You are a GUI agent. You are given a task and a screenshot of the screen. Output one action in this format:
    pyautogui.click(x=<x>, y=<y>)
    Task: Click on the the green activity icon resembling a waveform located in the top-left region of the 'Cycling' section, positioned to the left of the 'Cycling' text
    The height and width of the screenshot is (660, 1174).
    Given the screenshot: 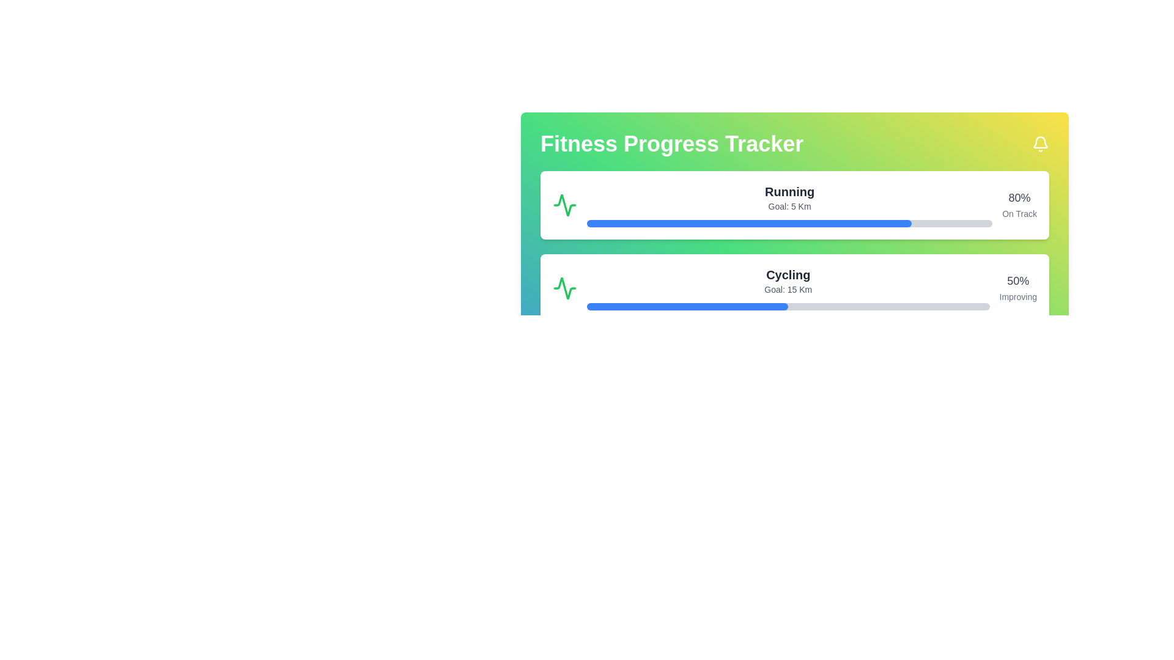 What is the action you would take?
    pyautogui.click(x=564, y=288)
    